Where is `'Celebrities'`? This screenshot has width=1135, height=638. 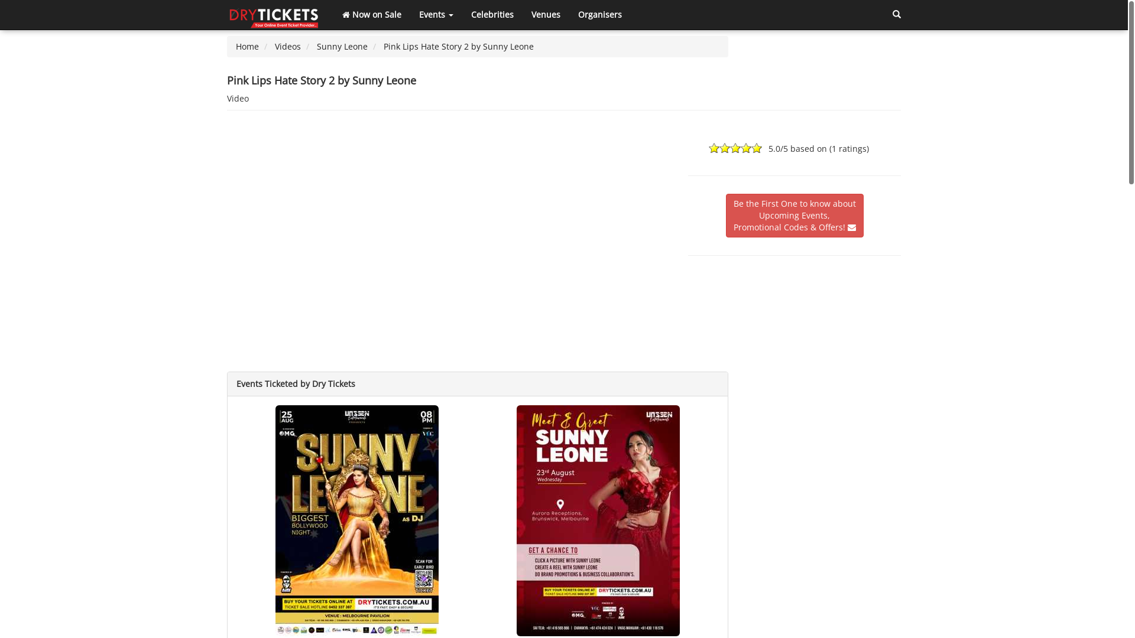 'Celebrities' is located at coordinates (492, 14).